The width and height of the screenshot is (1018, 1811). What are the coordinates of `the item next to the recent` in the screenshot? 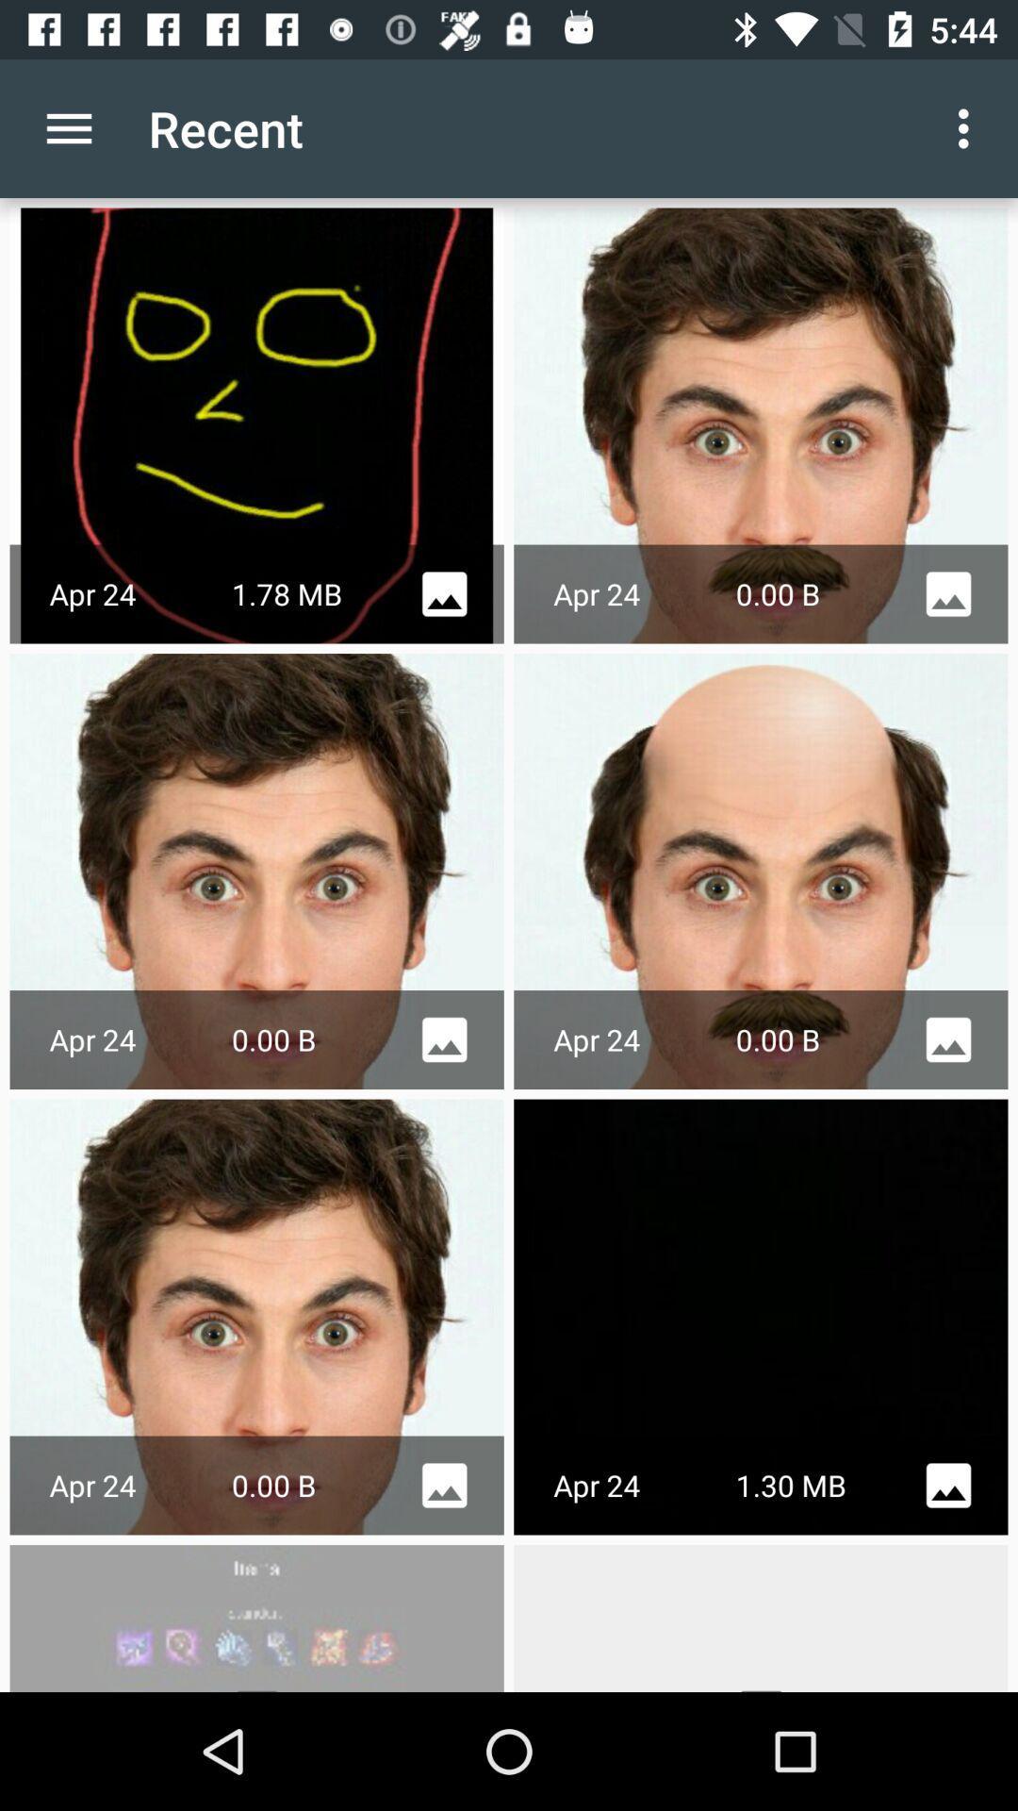 It's located at (68, 127).